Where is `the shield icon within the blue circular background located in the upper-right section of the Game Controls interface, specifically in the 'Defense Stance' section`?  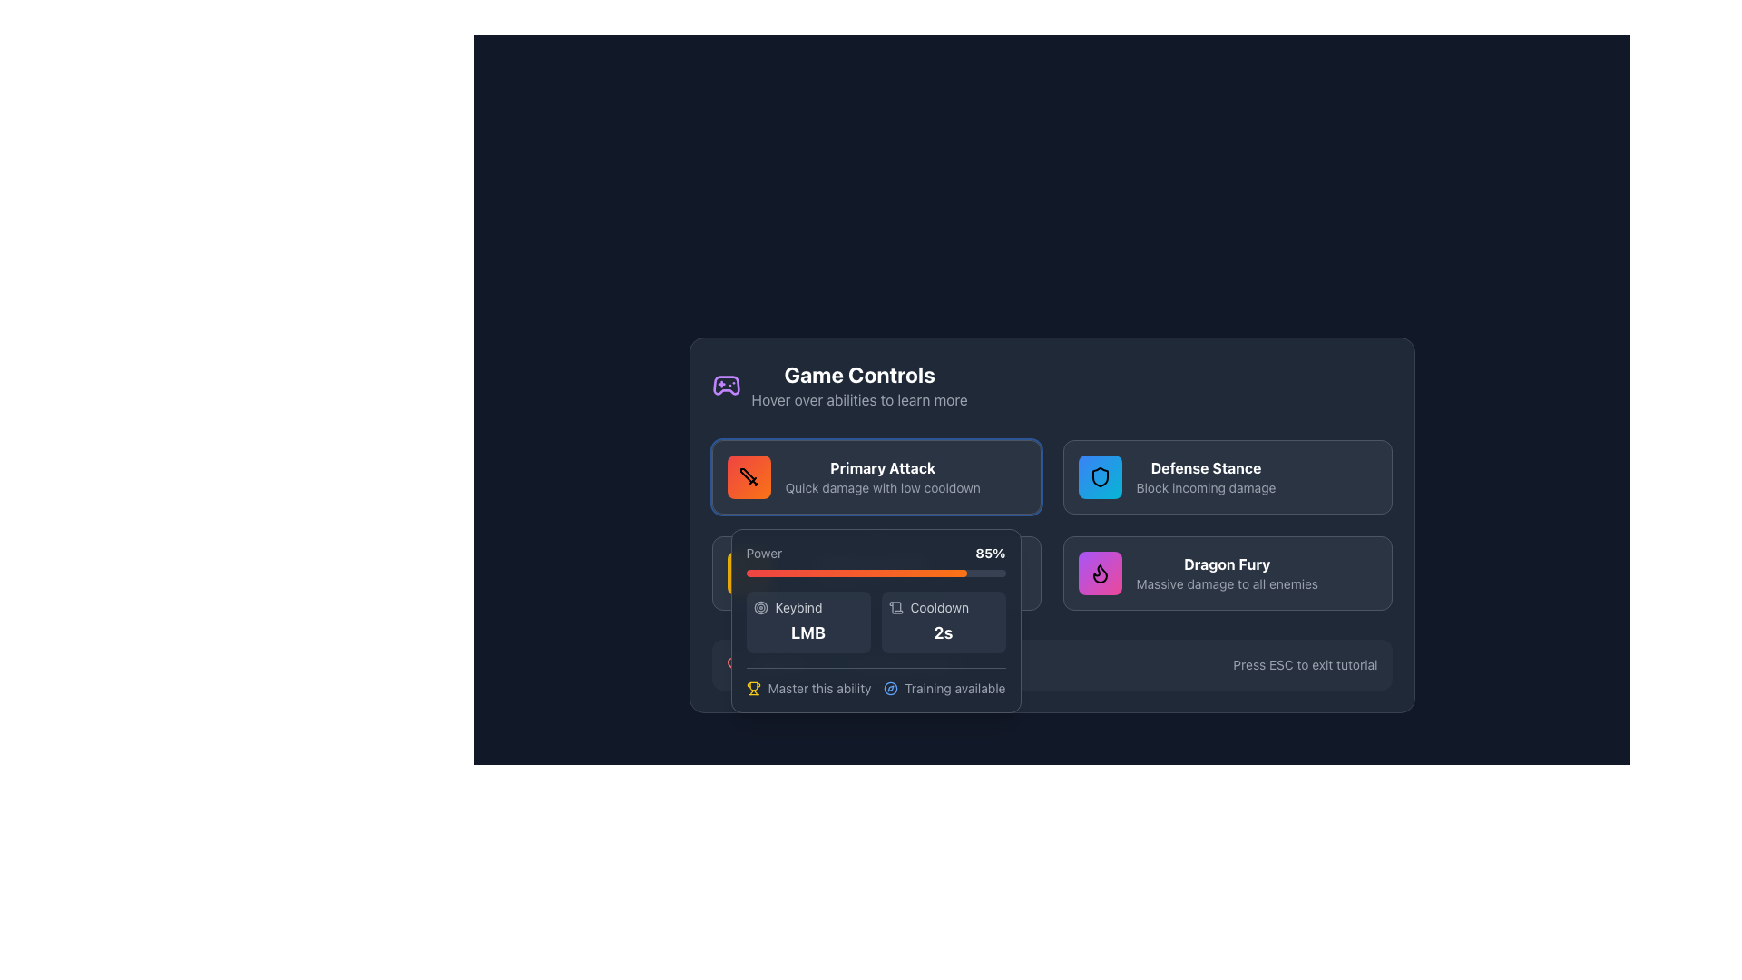
the shield icon within the blue circular background located in the upper-right section of the Game Controls interface, specifically in the 'Defense Stance' section is located at coordinates (1099, 475).